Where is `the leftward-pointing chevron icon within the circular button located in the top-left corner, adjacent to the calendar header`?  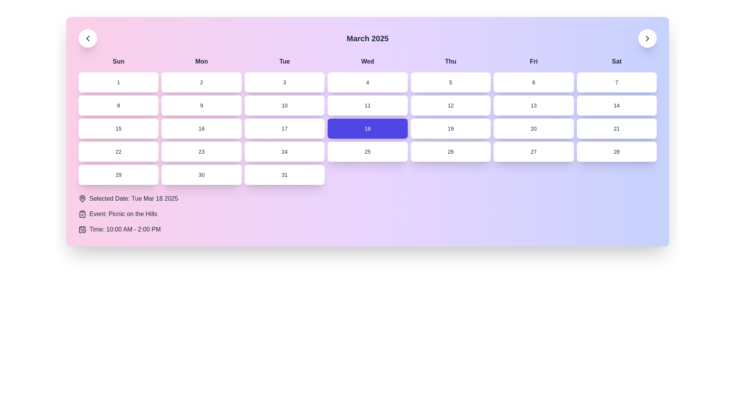
the leftward-pointing chevron icon within the circular button located in the top-left corner, adjacent to the calendar header is located at coordinates (87, 39).